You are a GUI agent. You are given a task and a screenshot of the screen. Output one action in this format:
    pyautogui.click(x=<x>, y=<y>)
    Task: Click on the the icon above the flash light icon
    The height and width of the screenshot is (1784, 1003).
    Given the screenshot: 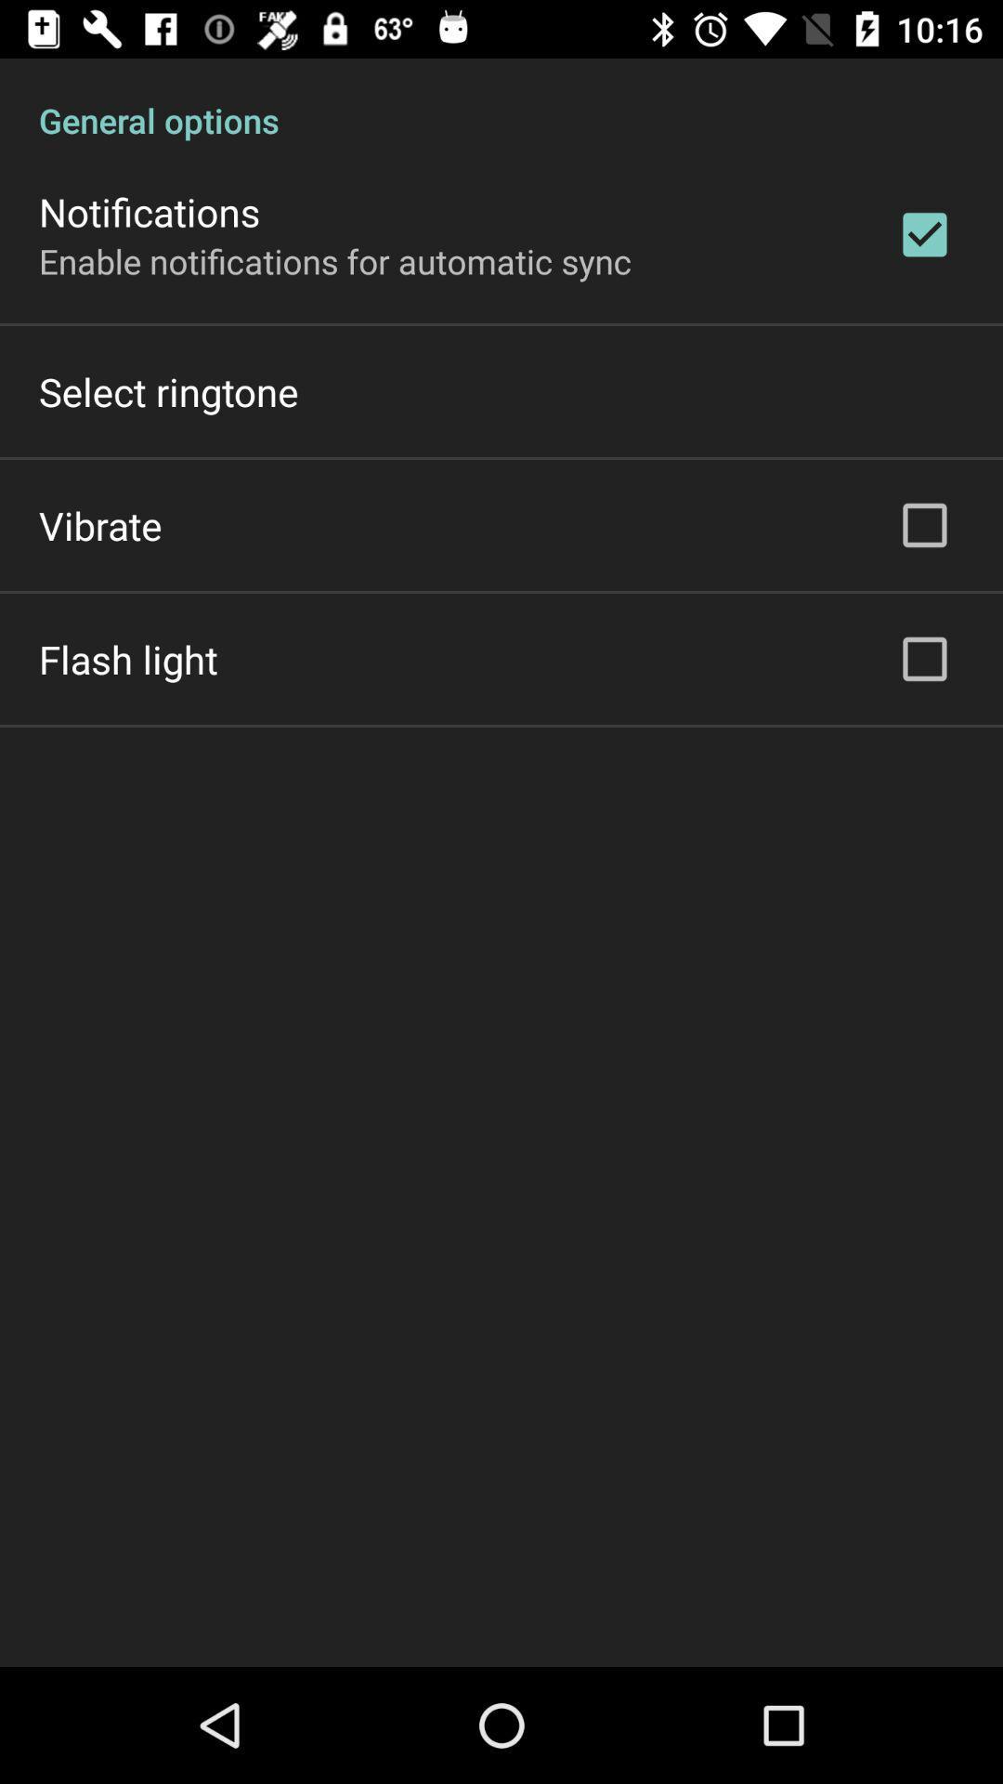 What is the action you would take?
    pyautogui.click(x=100, y=524)
    